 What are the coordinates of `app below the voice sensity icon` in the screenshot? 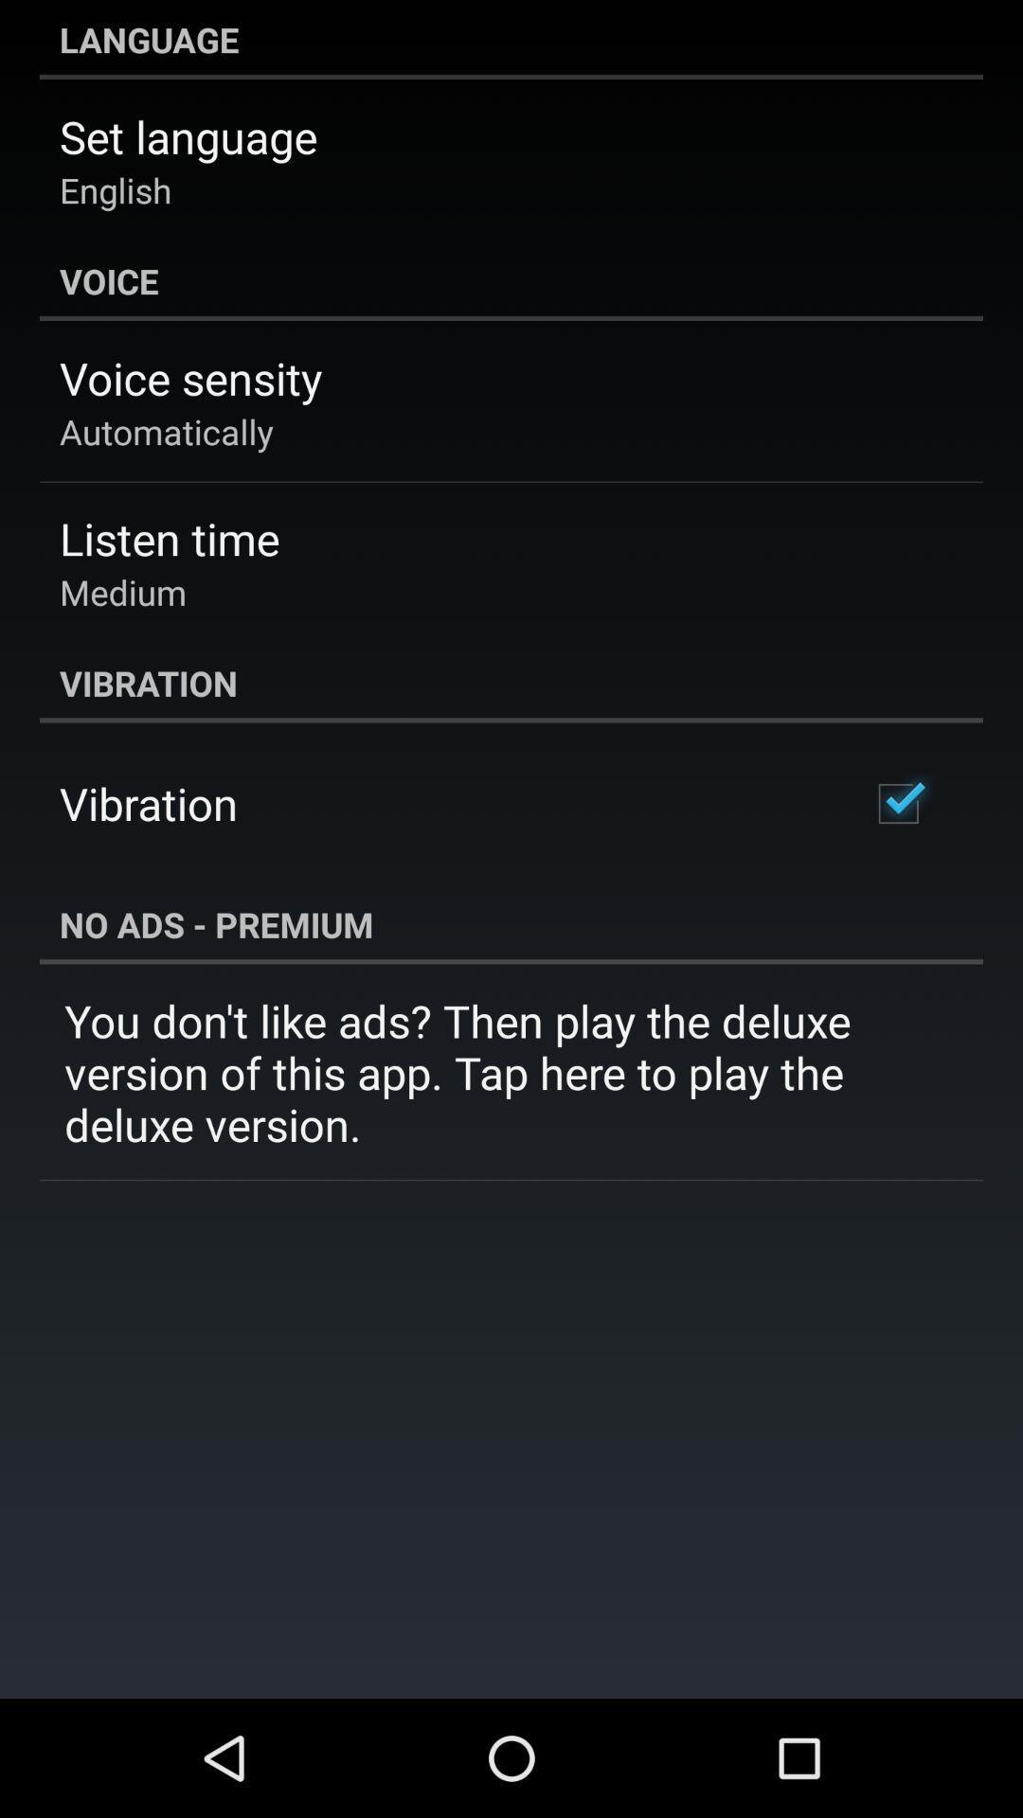 It's located at (165, 431).